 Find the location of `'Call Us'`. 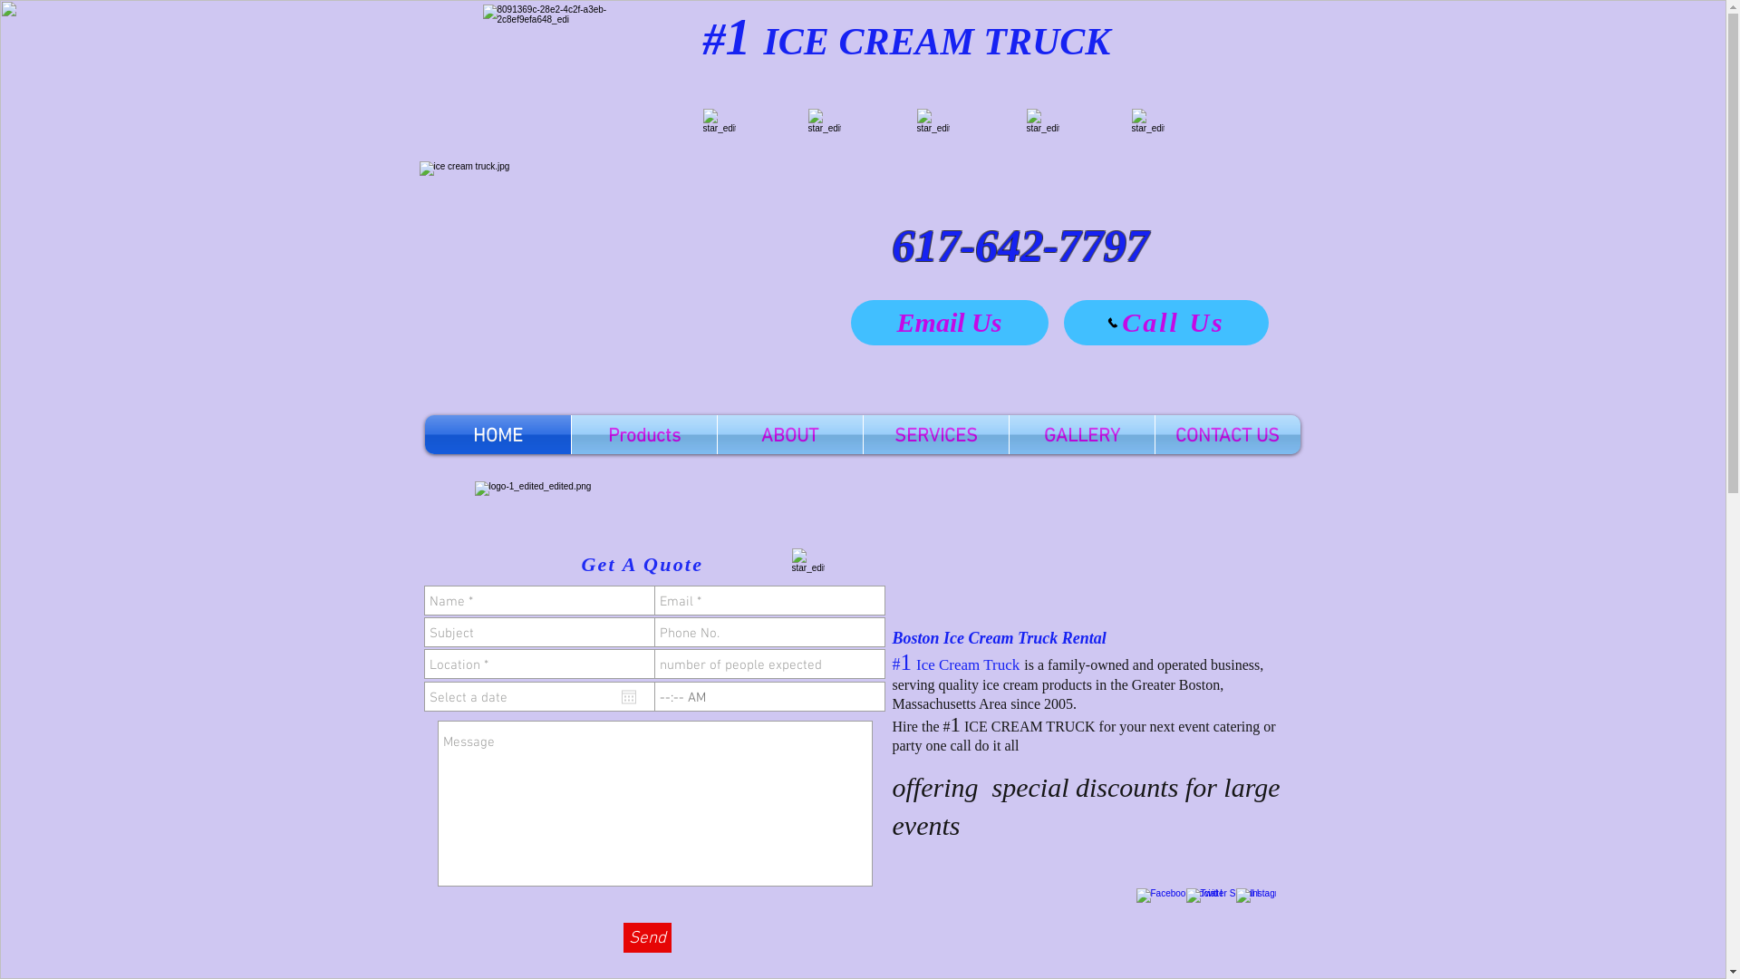

'Call Us' is located at coordinates (1165, 321).